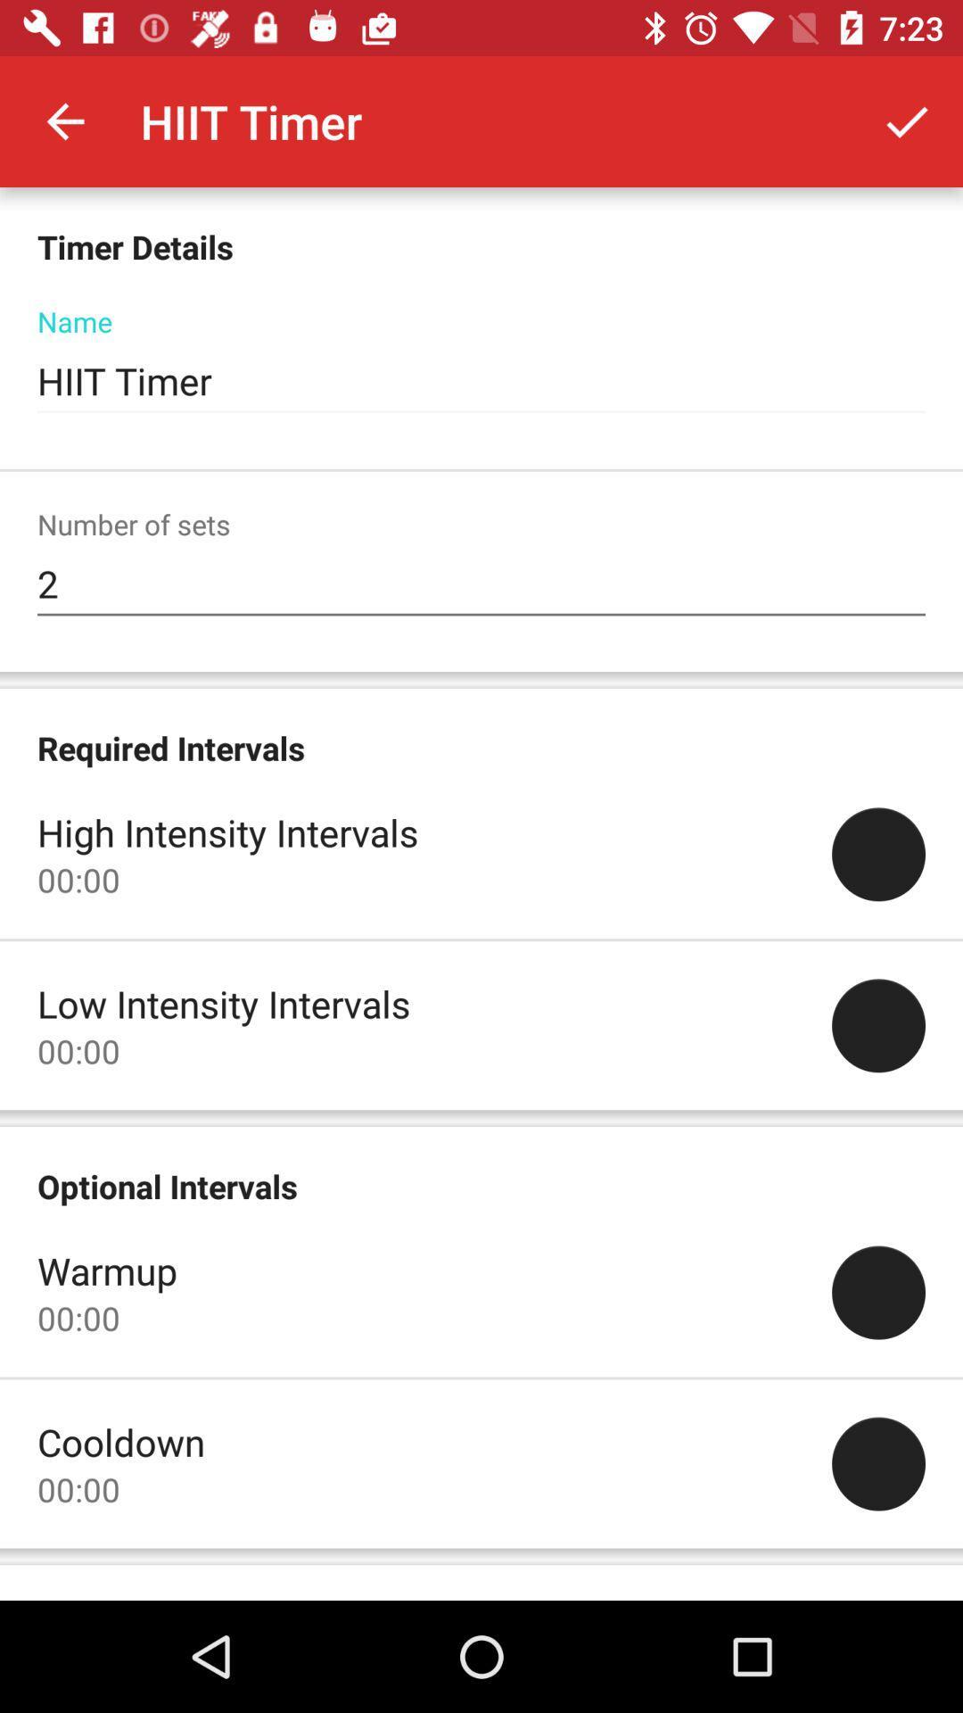 The height and width of the screenshot is (1713, 963). I want to click on the item to the left of hiit timer app, so click(64, 120).